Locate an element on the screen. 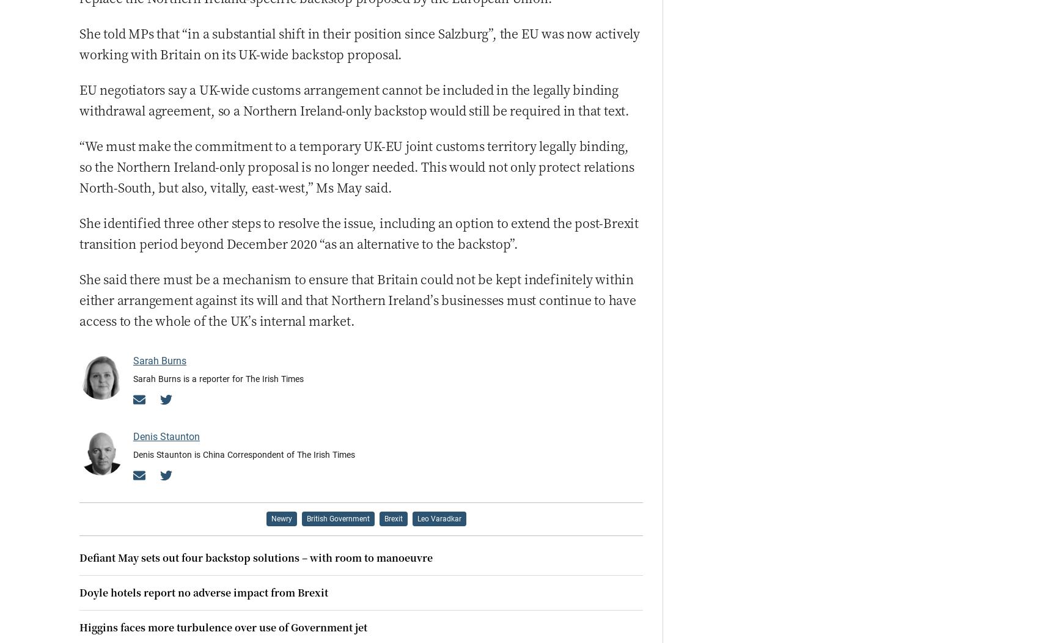 The image size is (1039, 643). 'She said there must be a mechanism to ensure that Britain could not be kept indefinitely within either arrangement against its will and that Northern Ireland’s businesses must continue to have access to the whole of the UK’s internal market.' is located at coordinates (356, 298).